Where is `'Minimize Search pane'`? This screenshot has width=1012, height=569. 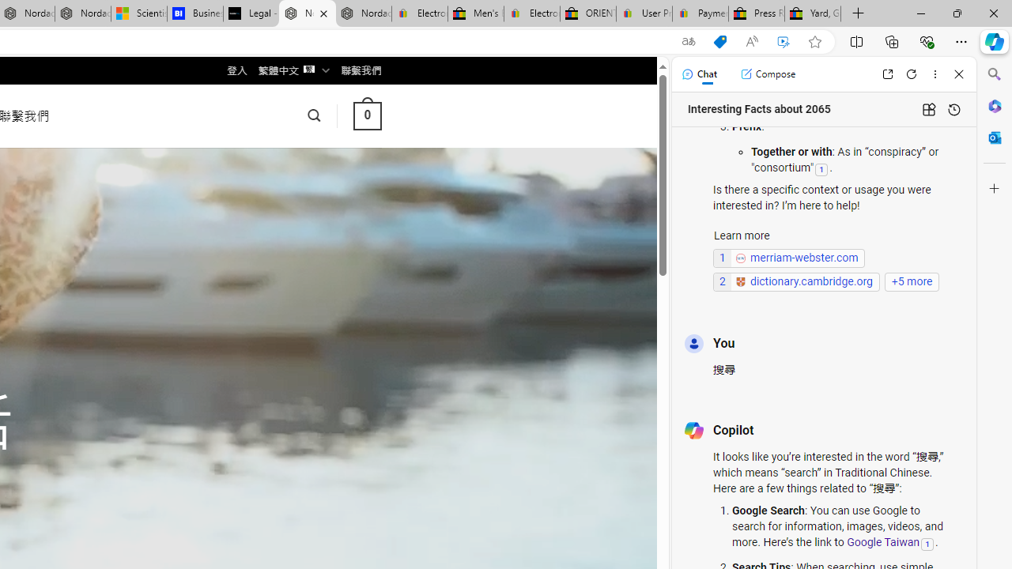
'Minimize Search pane' is located at coordinates (994, 74).